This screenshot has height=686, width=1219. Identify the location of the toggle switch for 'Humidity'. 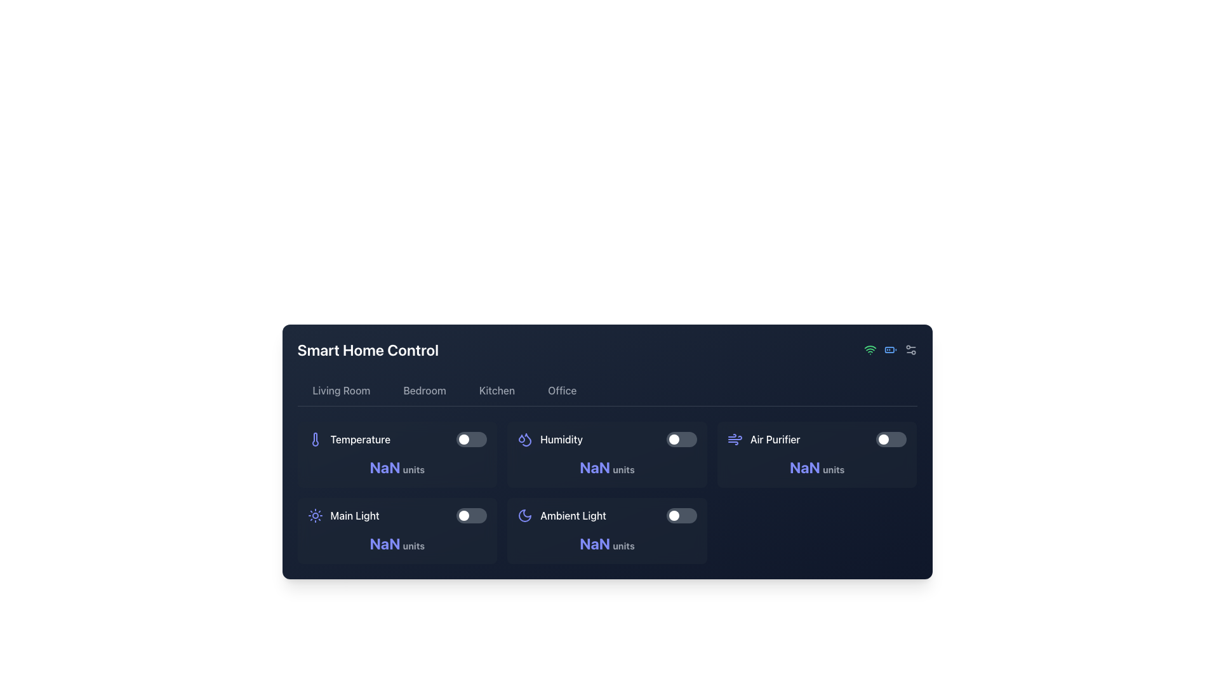
(681, 438).